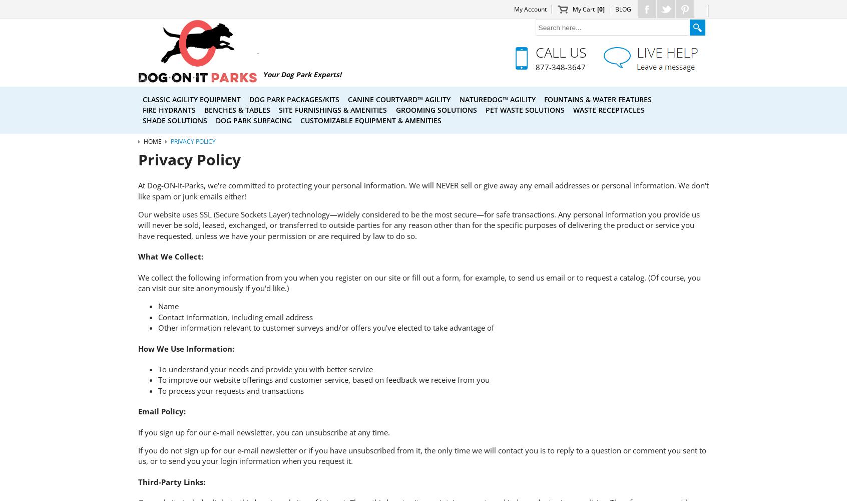 The height and width of the screenshot is (501, 847). What do you see at coordinates (152, 141) in the screenshot?
I see `'Home'` at bounding box center [152, 141].